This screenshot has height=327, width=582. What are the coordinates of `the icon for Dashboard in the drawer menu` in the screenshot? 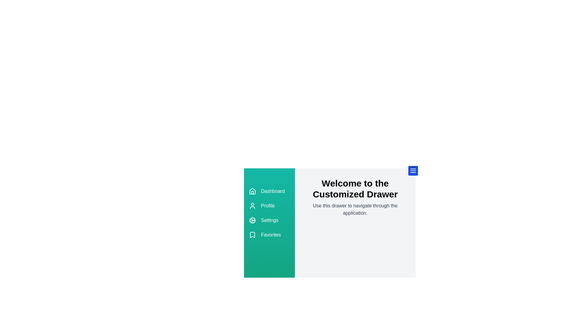 It's located at (253, 191).